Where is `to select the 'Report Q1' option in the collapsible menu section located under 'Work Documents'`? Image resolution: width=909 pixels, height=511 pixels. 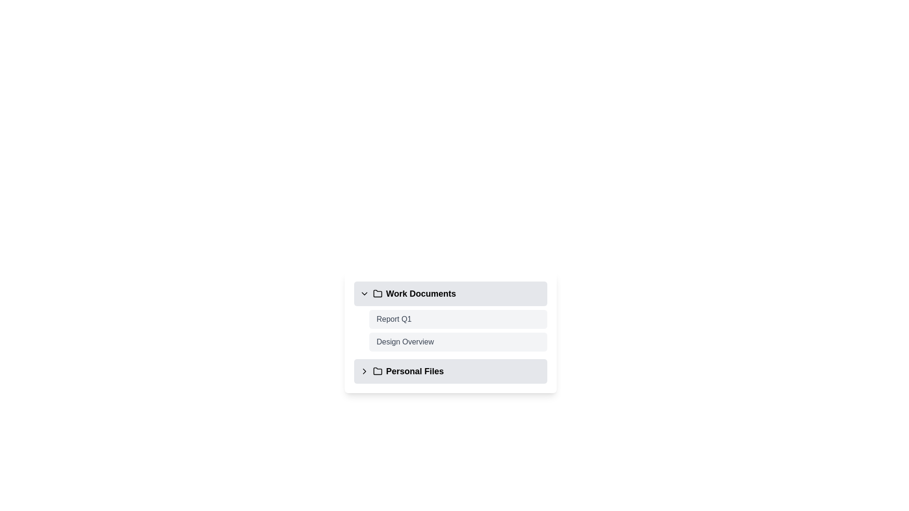 to select the 'Report Q1' option in the collapsible menu section located under 'Work Documents' is located at coordinates (450, 316).